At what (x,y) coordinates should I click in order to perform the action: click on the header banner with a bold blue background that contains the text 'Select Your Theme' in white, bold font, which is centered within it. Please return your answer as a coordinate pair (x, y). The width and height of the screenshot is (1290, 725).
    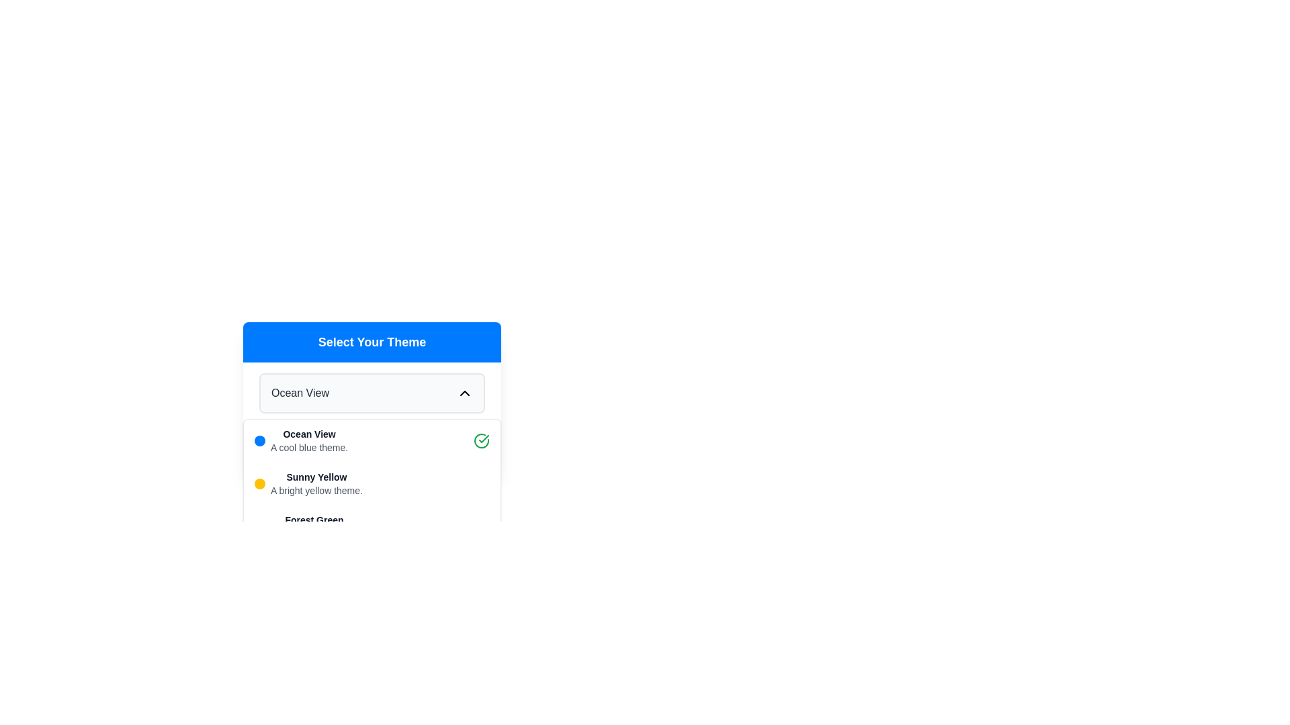
    Looking at the image, I should click on (372, 341).